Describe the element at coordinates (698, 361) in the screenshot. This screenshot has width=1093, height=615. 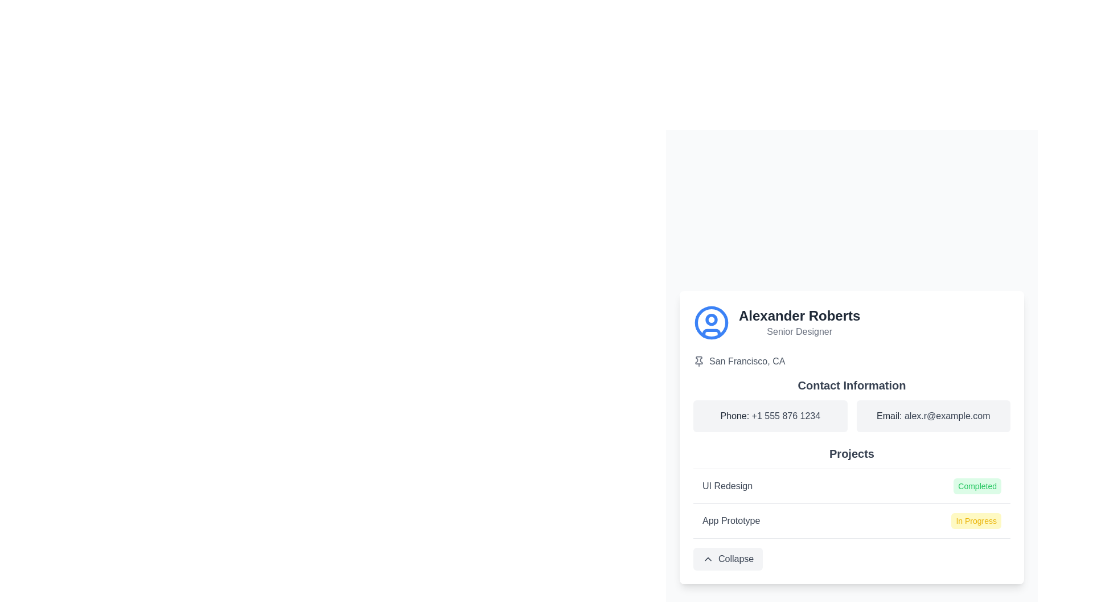
I see `the gray pin-shaped icon located to the left of the text 'San Francisco, CA' within the user profile card` at that location.